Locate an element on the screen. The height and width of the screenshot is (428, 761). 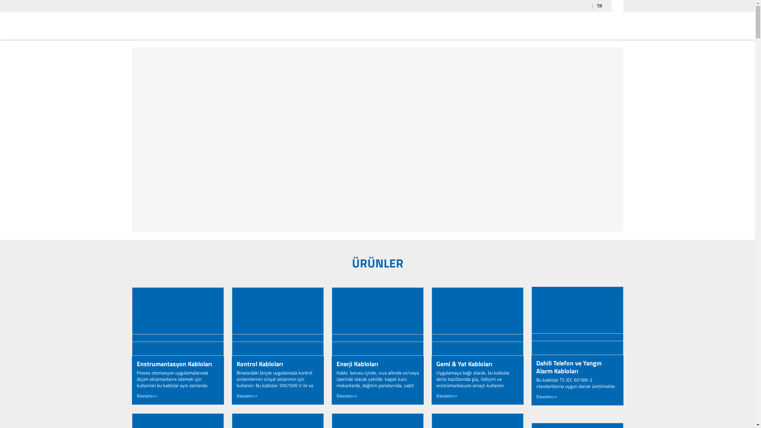
'YOUTUBE' is located at coordinates (551, 6).